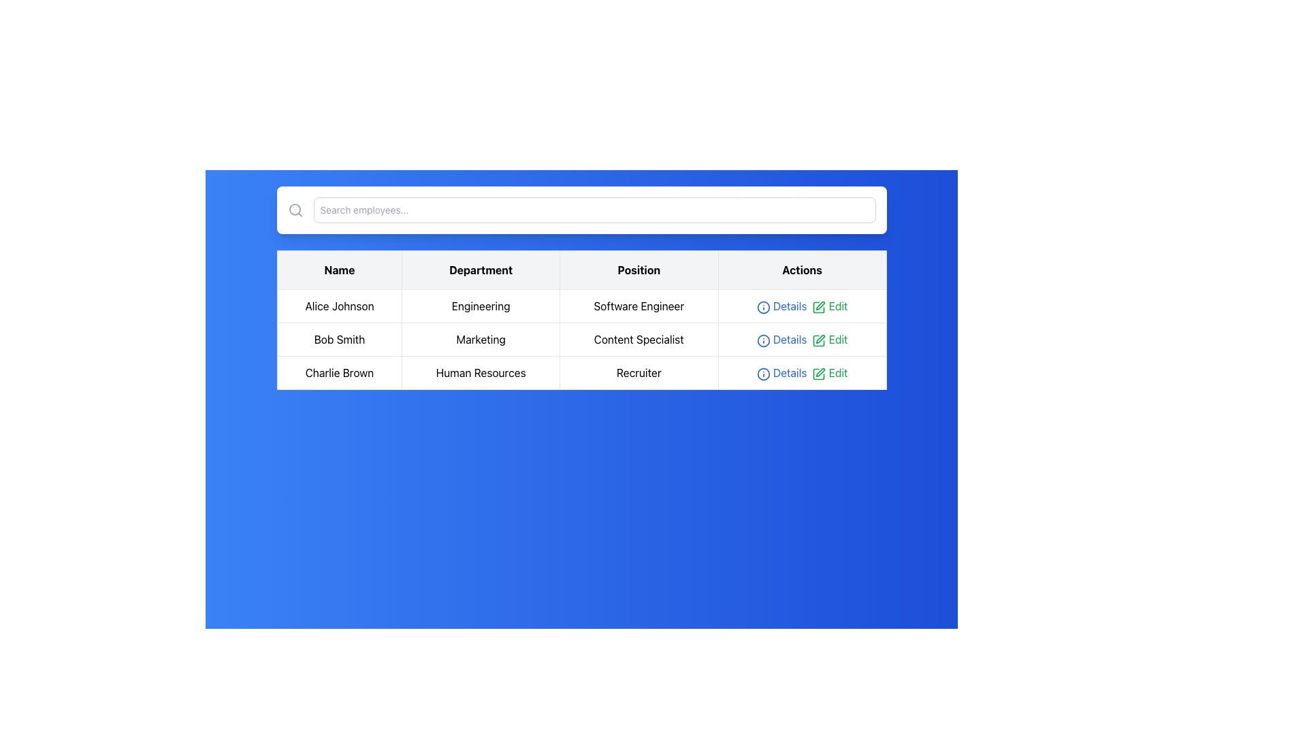 Image resolution: width=1307 pixels, height=735 pixels. Describe the element at coordinates (293, 210) in the screenshot. I see `the circular portion of the search icon located in the top-left corner of the header section, slightly left of the search input field` at that location.